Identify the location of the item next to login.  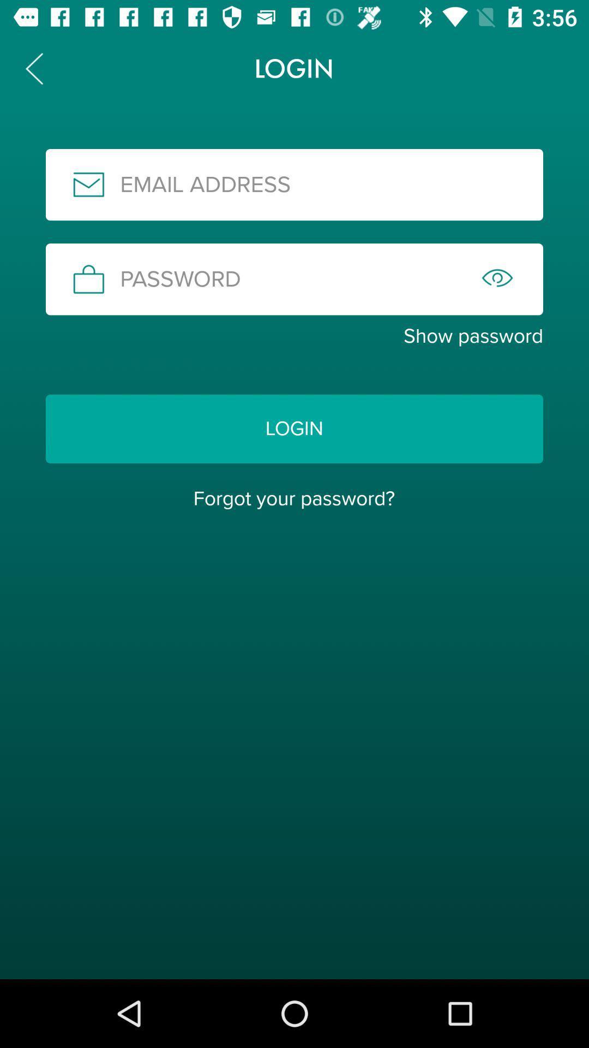
(33, 68).